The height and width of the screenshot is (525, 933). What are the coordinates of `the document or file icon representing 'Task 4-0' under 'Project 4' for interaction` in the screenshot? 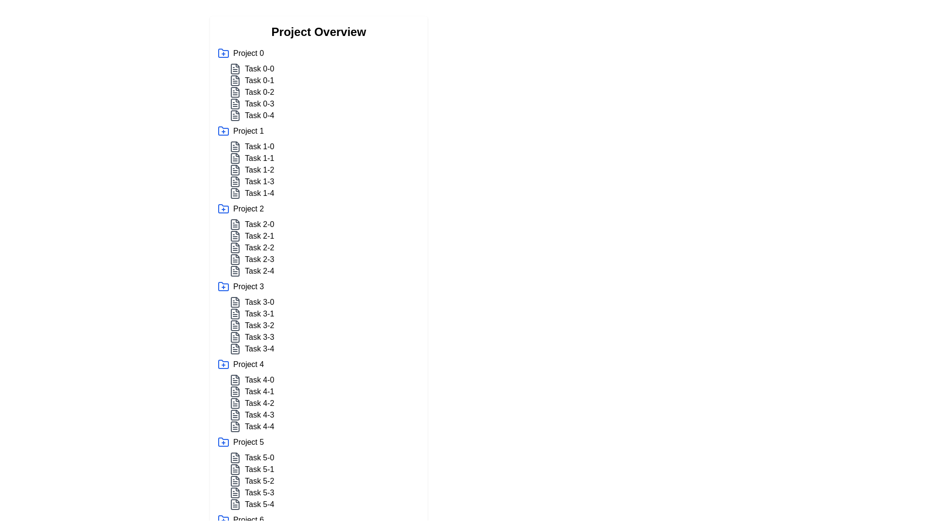 It's located at (235, 380).